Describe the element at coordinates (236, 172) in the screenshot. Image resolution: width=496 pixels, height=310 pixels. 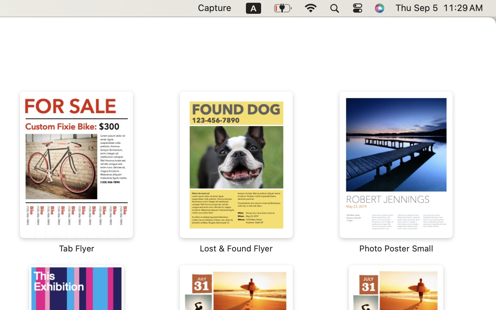
I see `'‎⁨Lost & Found Flyer⁩'` at that location.